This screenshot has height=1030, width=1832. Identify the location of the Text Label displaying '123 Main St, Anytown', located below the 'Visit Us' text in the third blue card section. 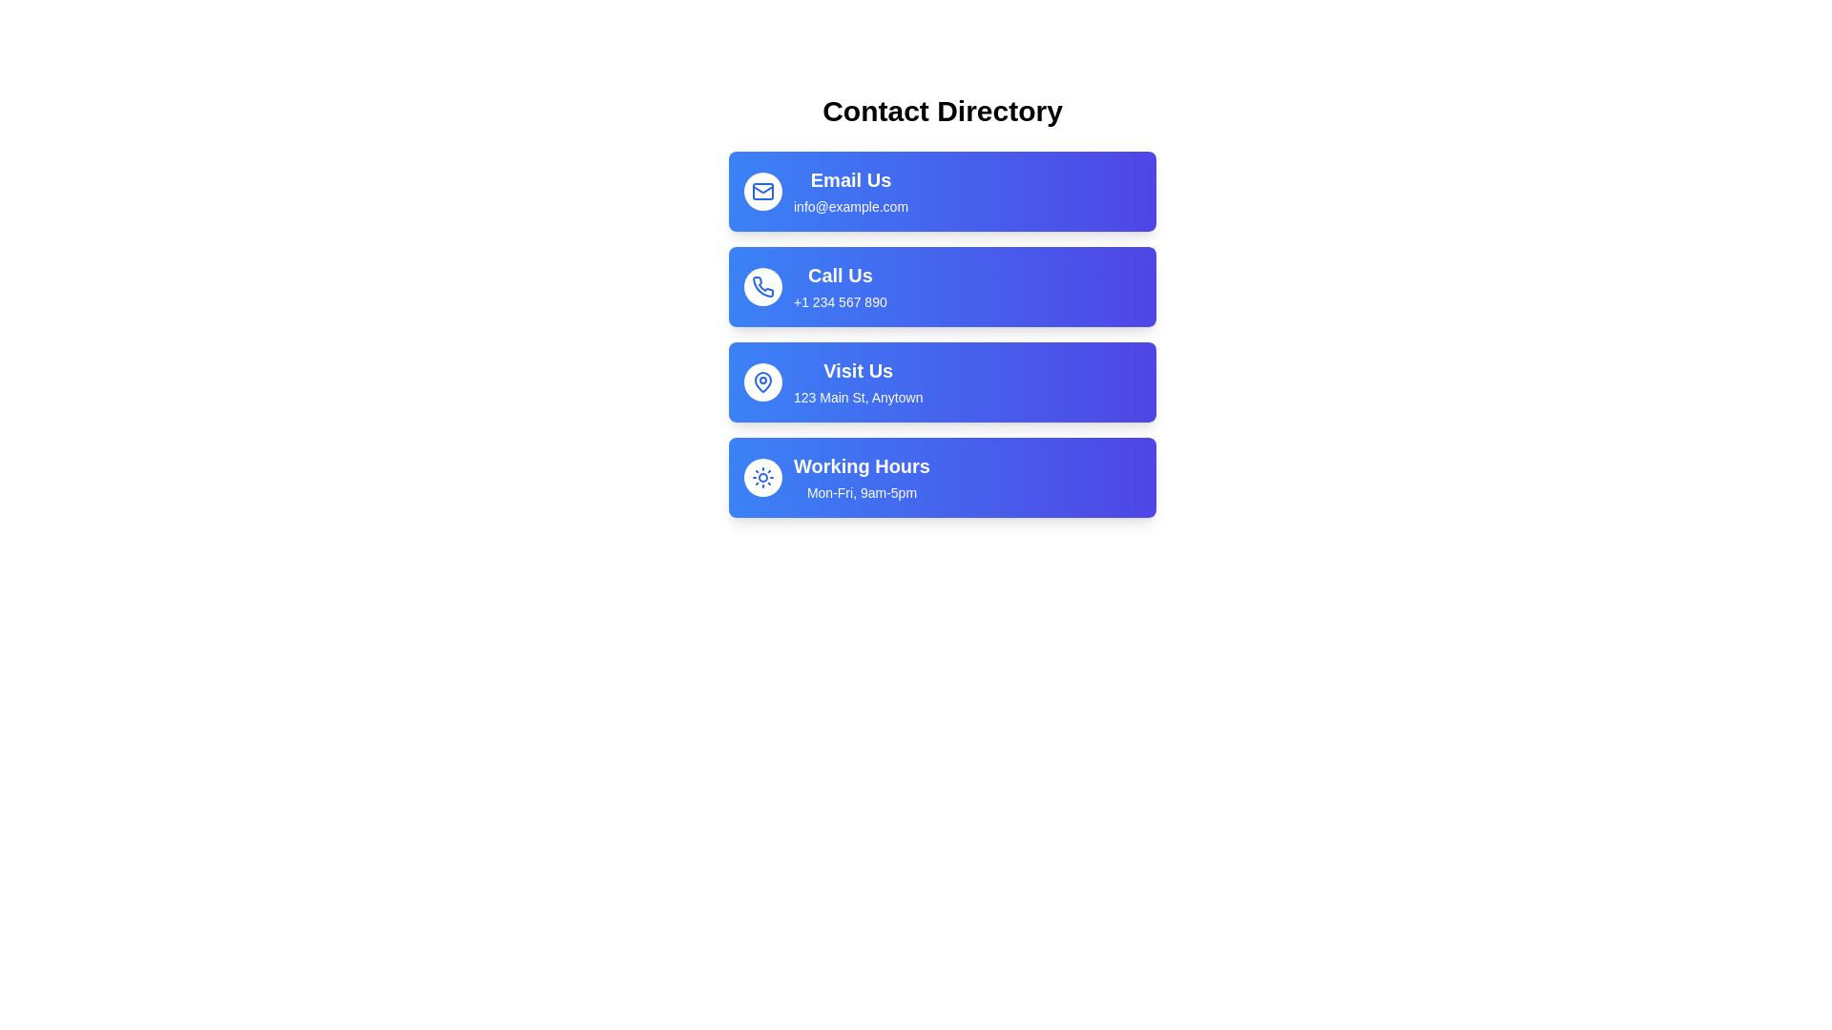
(857, 396).